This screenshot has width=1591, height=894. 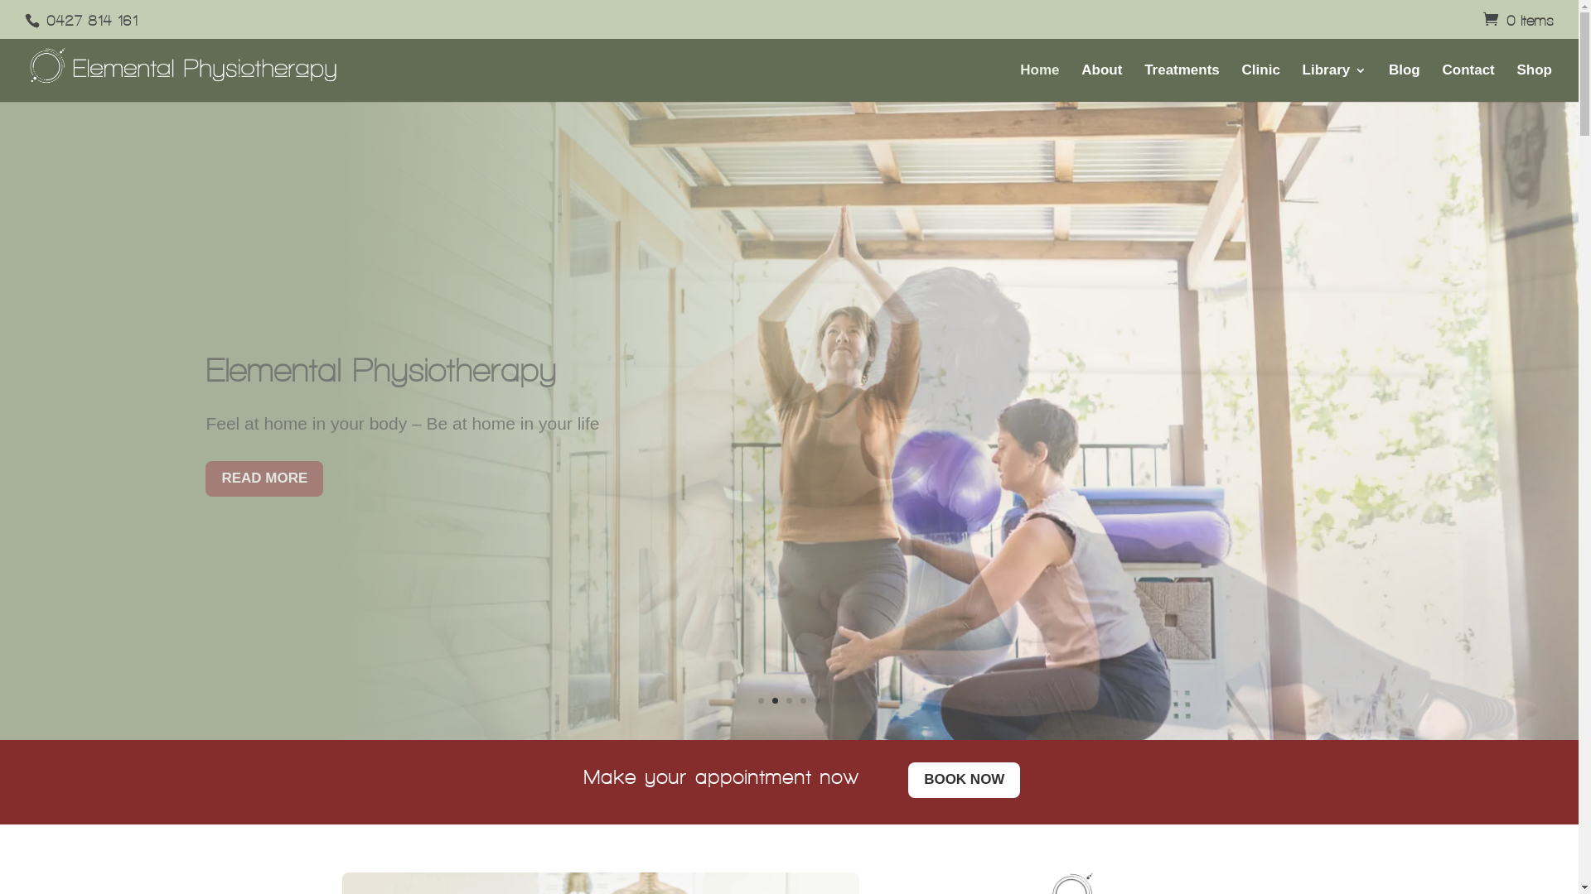 I want to click on 'Elemental Physiotherapy', so click(x=380, y=369).